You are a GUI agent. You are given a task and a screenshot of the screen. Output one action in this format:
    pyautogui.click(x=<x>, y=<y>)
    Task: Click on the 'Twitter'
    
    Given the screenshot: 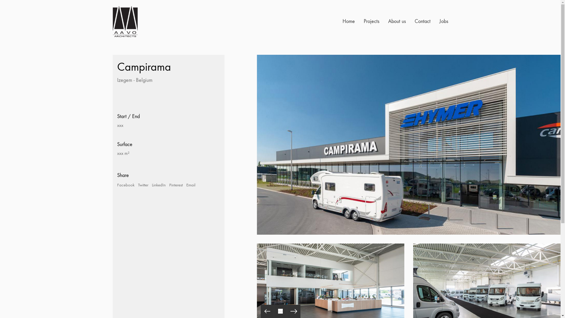 What is the action you would take?
    pyautogui.click(x=143, y=185)
    